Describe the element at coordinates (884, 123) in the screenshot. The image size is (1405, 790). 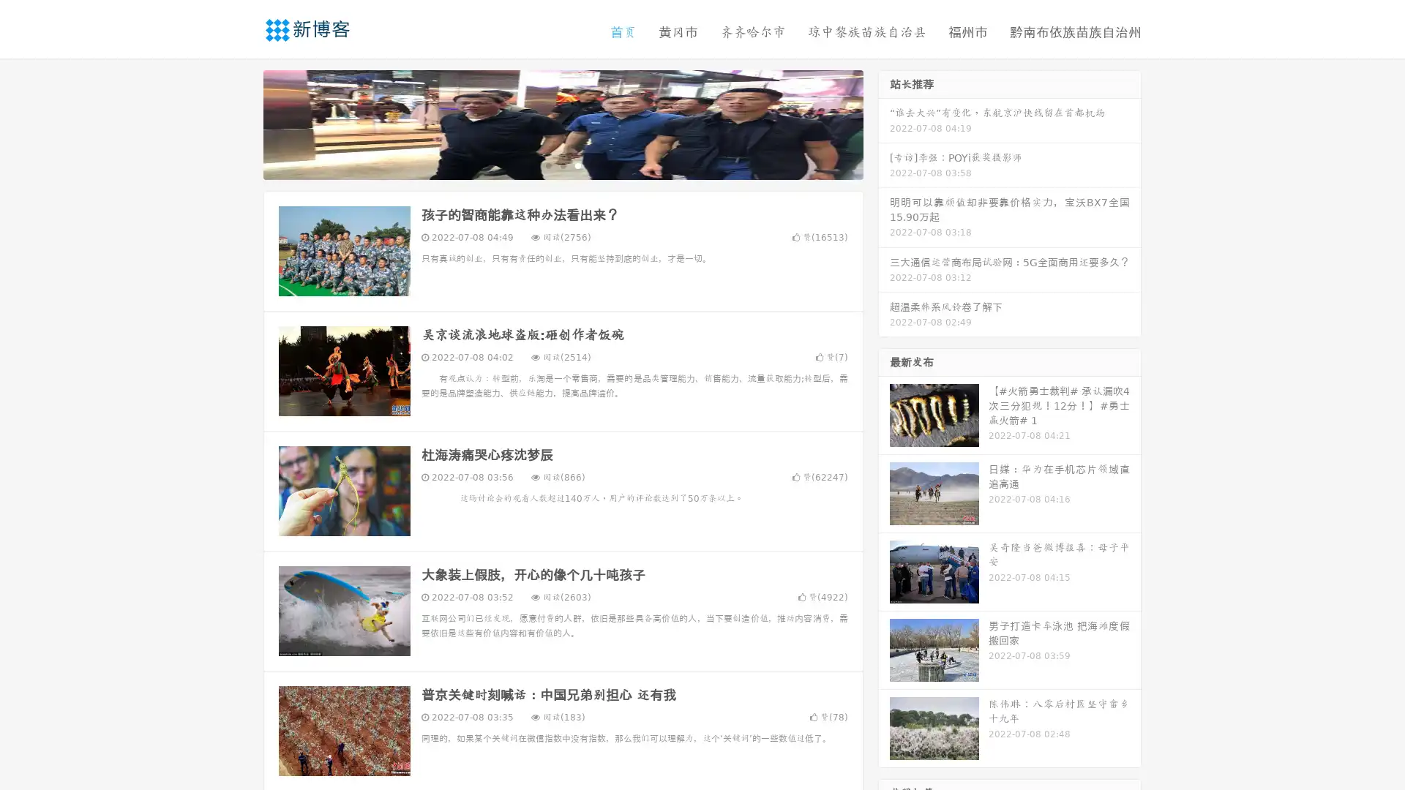
I see `Next slide` at that location.